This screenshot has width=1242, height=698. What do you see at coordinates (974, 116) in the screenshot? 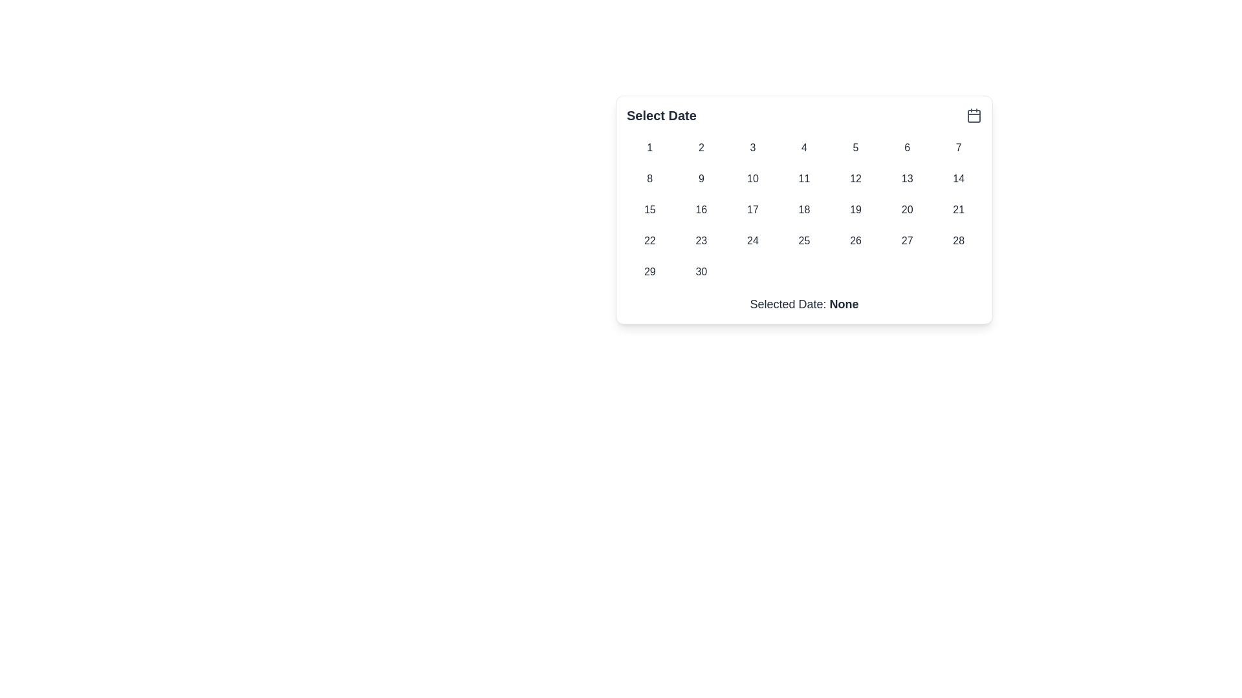
I see `the filled rectangle within the calendar icon located in the upper-right corner of the date picker panel` at bounding box center [974, 116].